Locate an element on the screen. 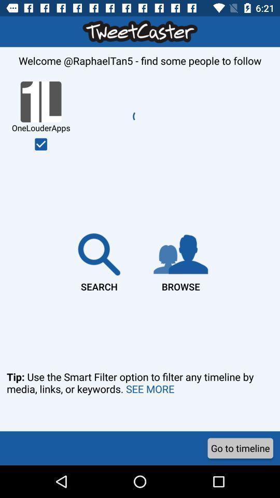  the item below the onelouderapps icon is located at coordinates (99, 260).